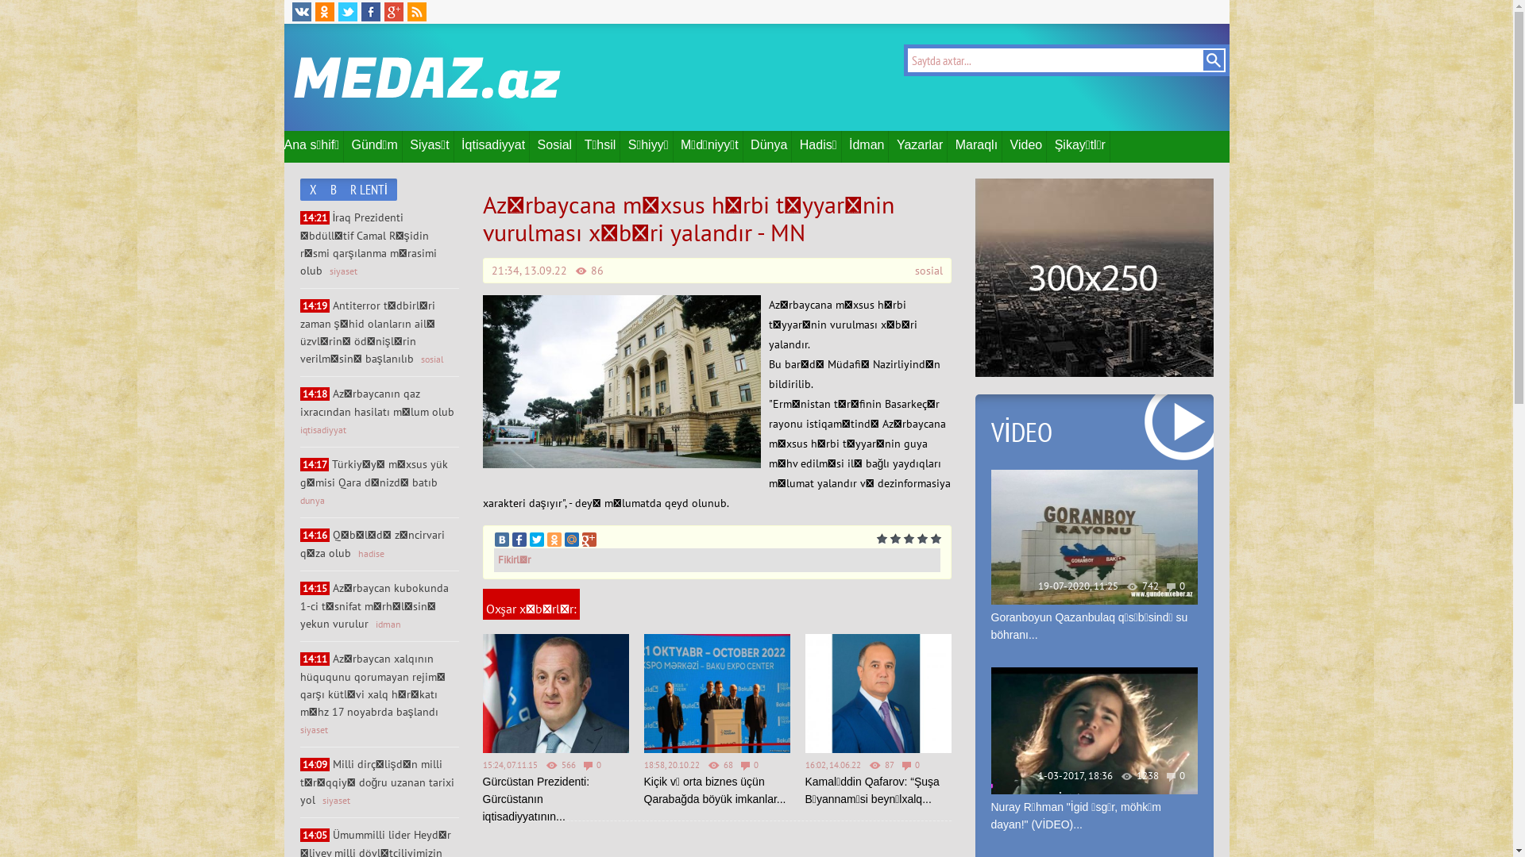 This screenshot has width=1525, height=857. I want to click on '4', so click(915, 538).